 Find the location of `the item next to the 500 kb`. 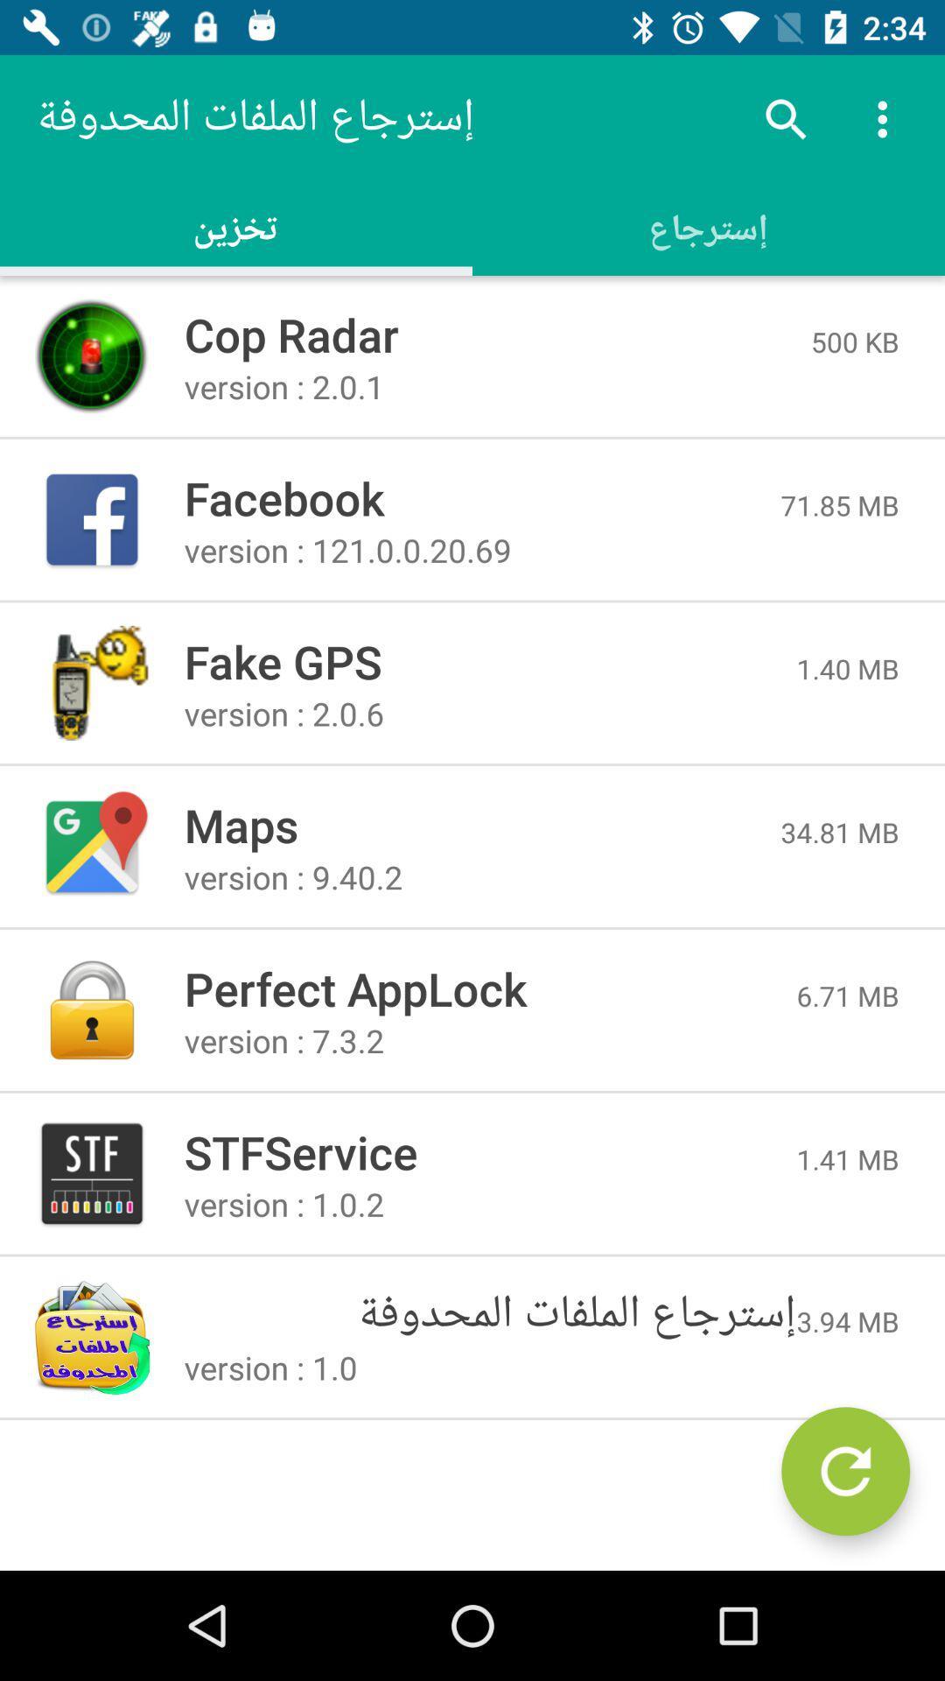

the item next to the 500 kb is located at coordinates (497, 334).